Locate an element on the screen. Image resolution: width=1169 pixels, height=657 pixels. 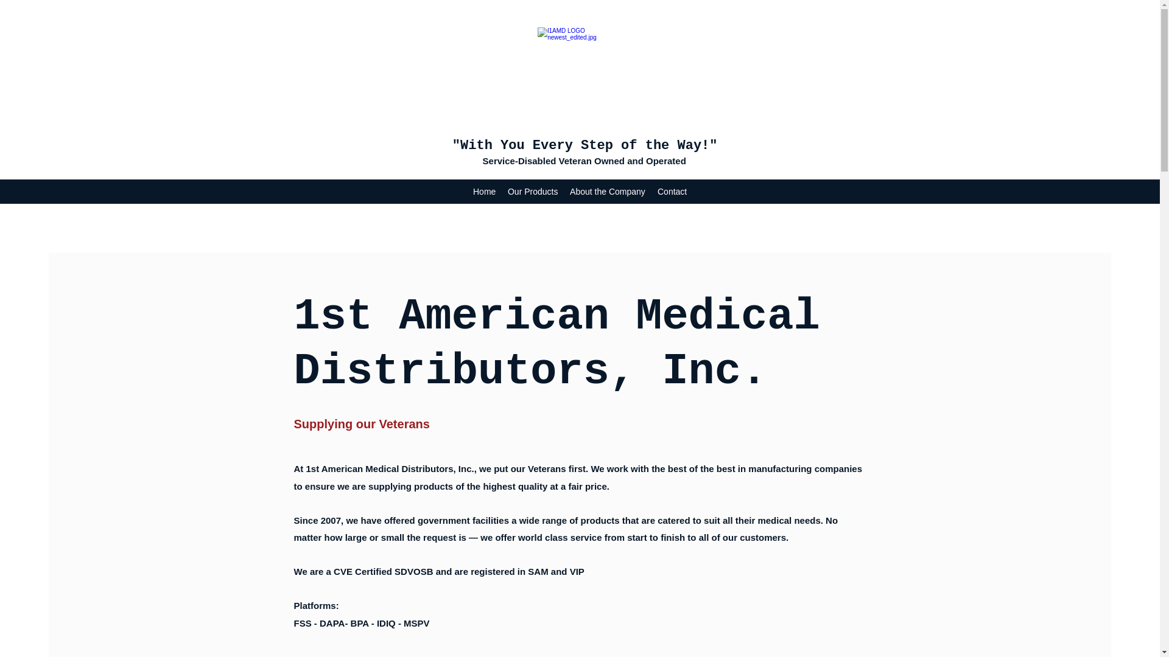
'Home' is located at coordinates (483, 192).